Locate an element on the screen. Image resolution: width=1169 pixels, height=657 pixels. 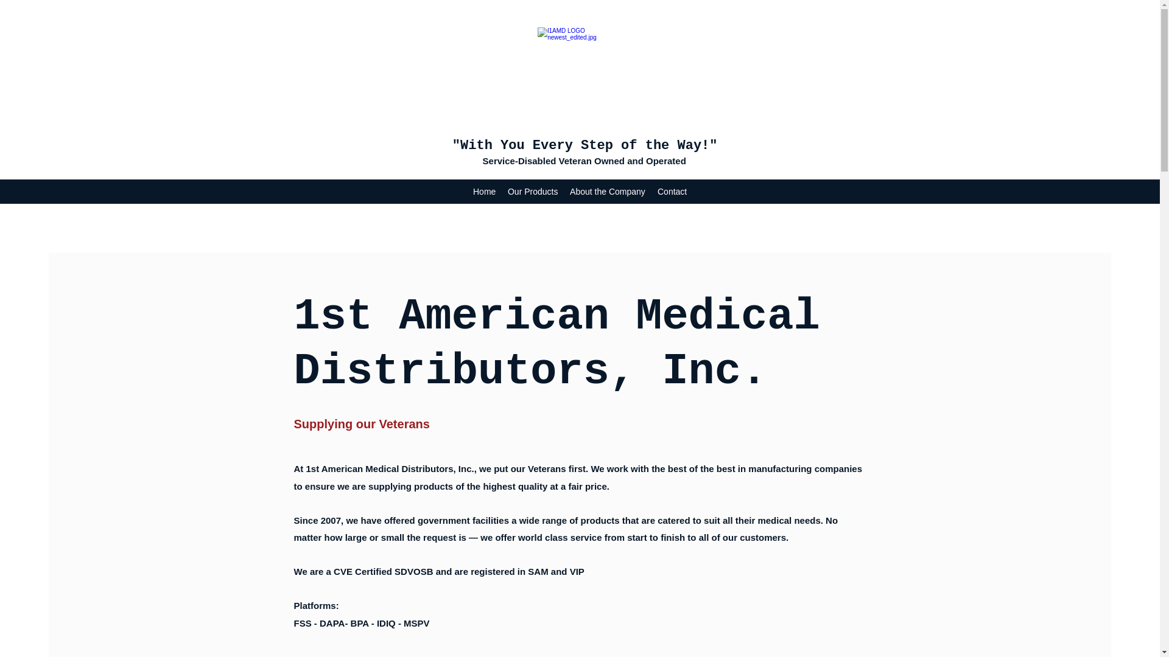
'Home' is located at coordinates (483, 192).